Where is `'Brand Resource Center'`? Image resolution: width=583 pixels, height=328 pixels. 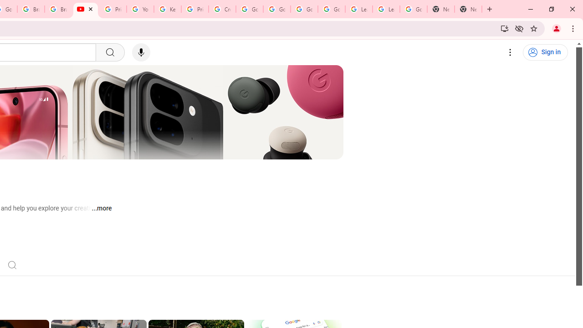 'Brand Resource Center' is located at coordinates (31, 9).